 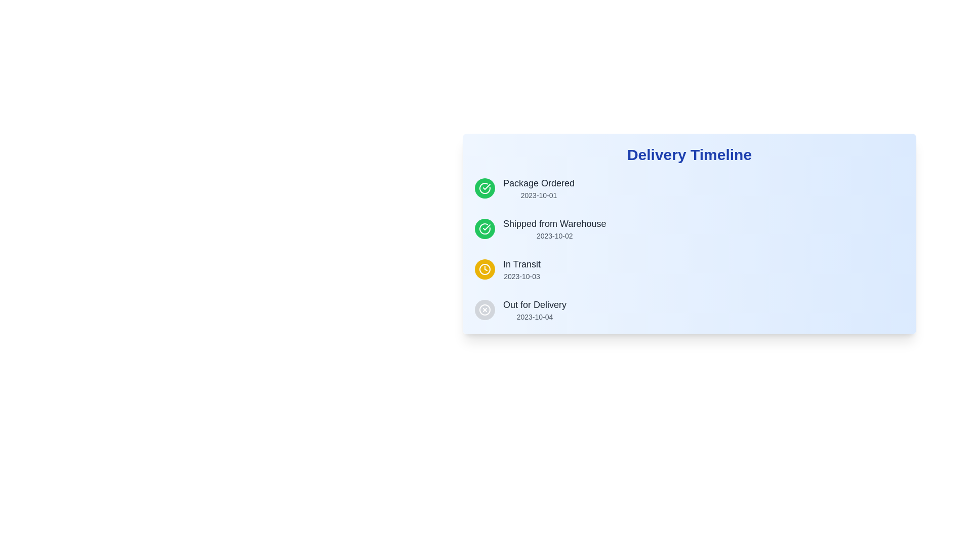 I want to click on date text label that is located directly beneath the 'Shipped from Warehouse' label in the delivery timeline, which is the second milestone's date, so click(x=554, y=236).